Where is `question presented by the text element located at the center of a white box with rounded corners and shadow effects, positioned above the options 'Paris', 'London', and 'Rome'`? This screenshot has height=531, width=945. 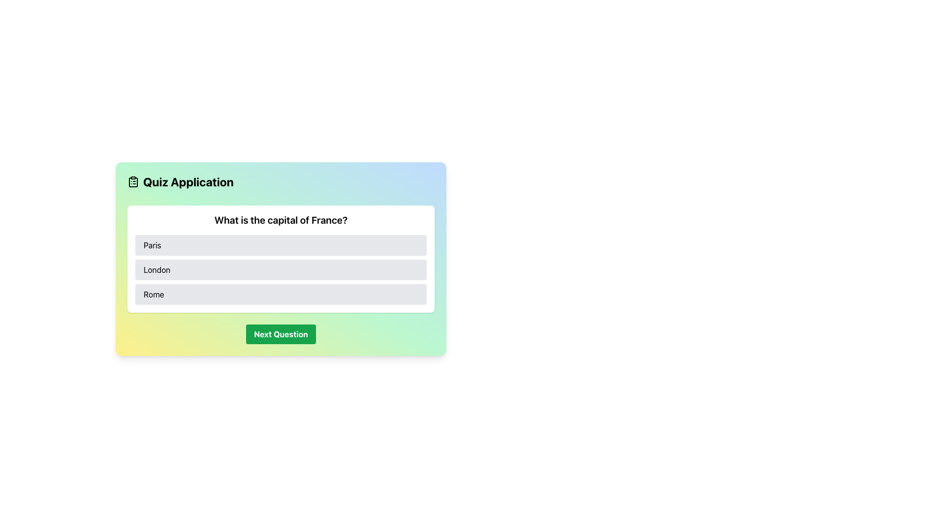
question presented by the text element located at the center of a white box with rounded corners and shadow effects, positioned above the options 'Paris', 'London', and 'Rome' is located at coordinates (281, 219).